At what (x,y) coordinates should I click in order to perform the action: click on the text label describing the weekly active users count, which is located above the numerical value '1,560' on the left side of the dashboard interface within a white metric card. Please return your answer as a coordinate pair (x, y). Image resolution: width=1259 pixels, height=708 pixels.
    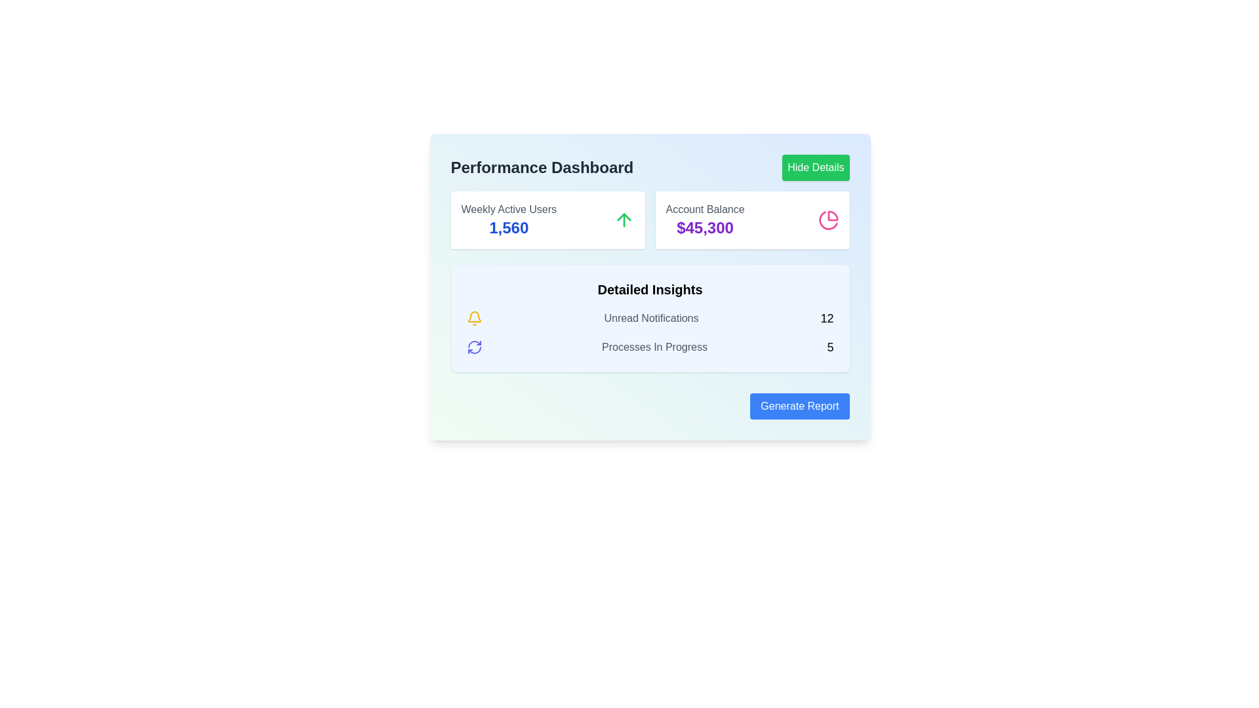
    Looking at the image, I should click on (508, 209).